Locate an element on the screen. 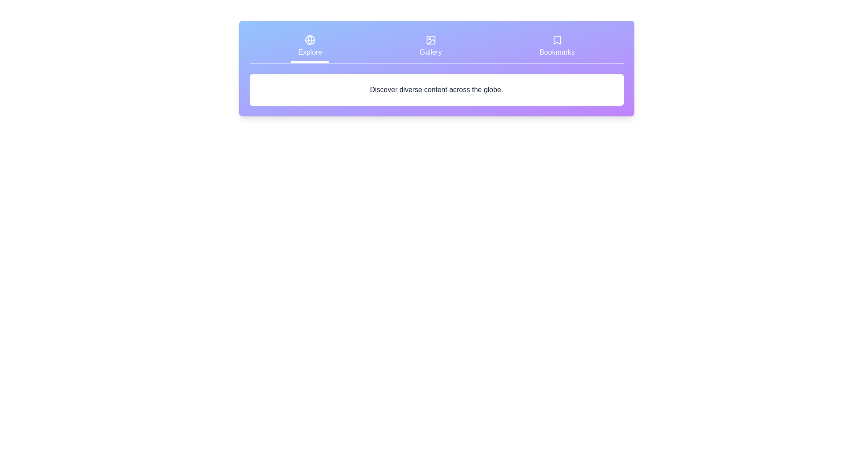 The width and height of the screenshot is (847, 476). the Gallery tab by clicking on it is located at coordinates (431, 47).